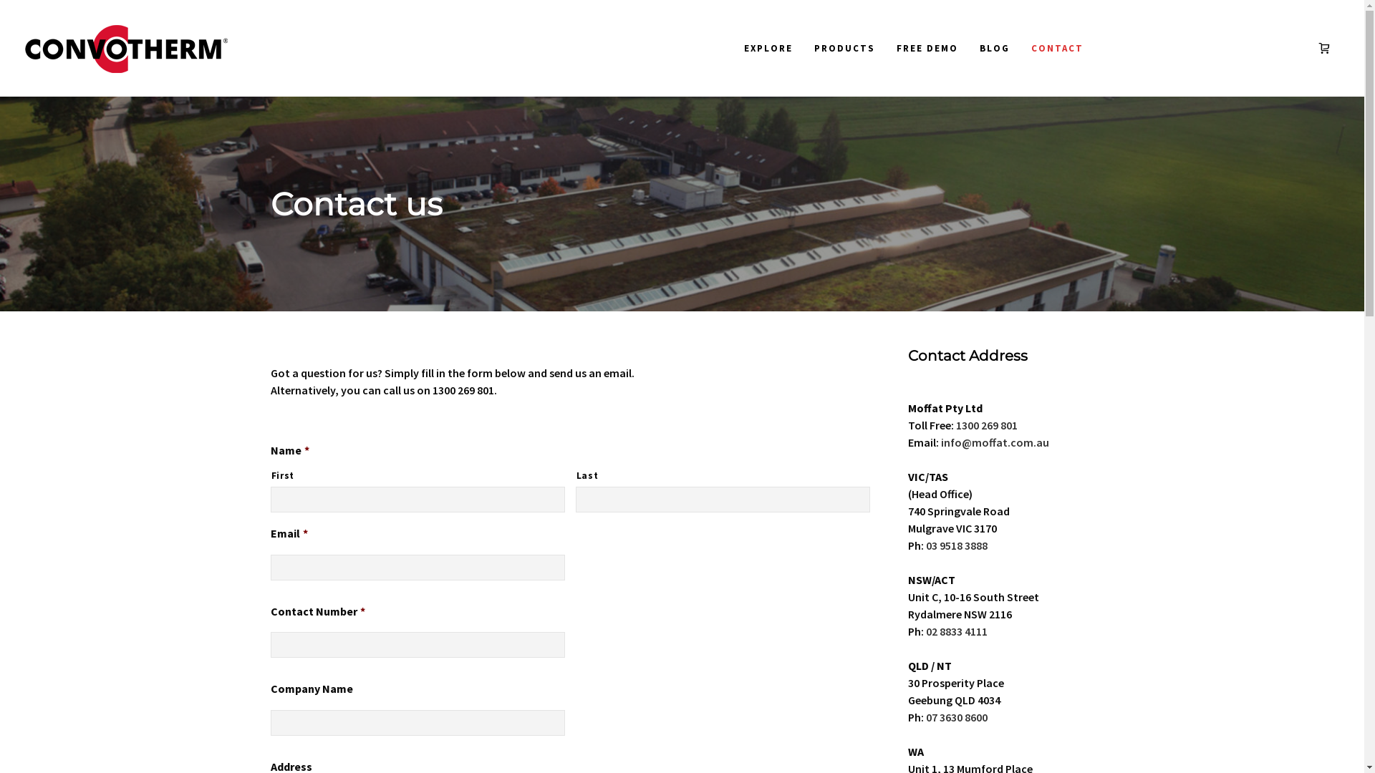 The width and height of the screenshot is (1375, 773). Describe the element at coordinates (955, 545) in the screenshot. I see `'03 9518 3888'` at that location.